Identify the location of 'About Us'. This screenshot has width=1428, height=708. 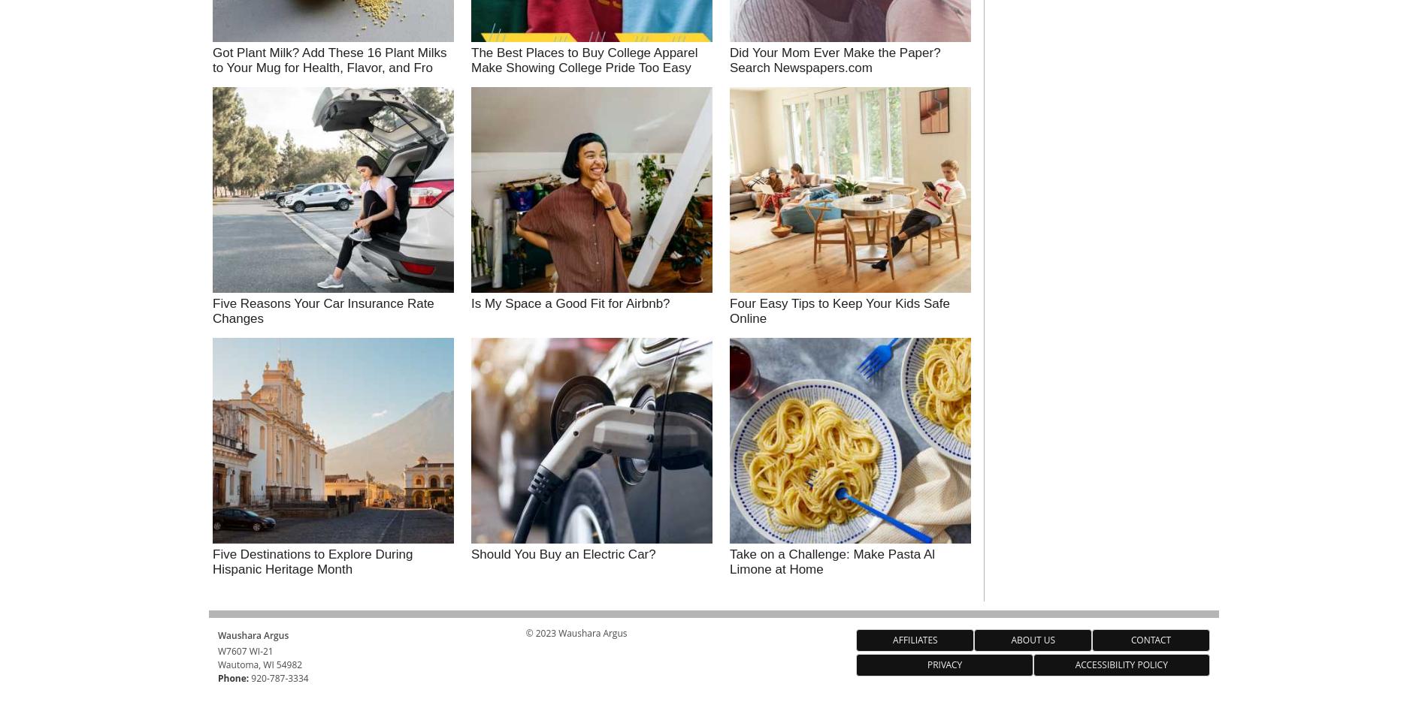
(1032, 639).